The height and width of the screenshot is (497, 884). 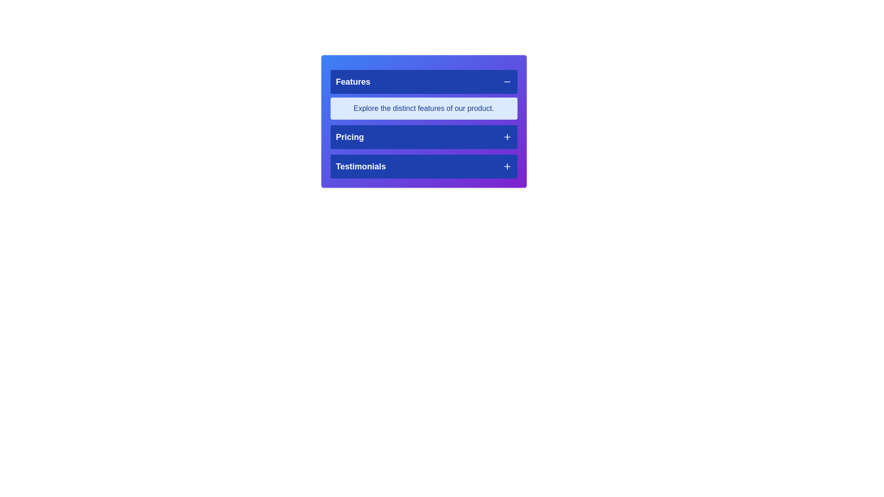 I want to click on the first button in the vertical stack, so click(x=423, y=81).